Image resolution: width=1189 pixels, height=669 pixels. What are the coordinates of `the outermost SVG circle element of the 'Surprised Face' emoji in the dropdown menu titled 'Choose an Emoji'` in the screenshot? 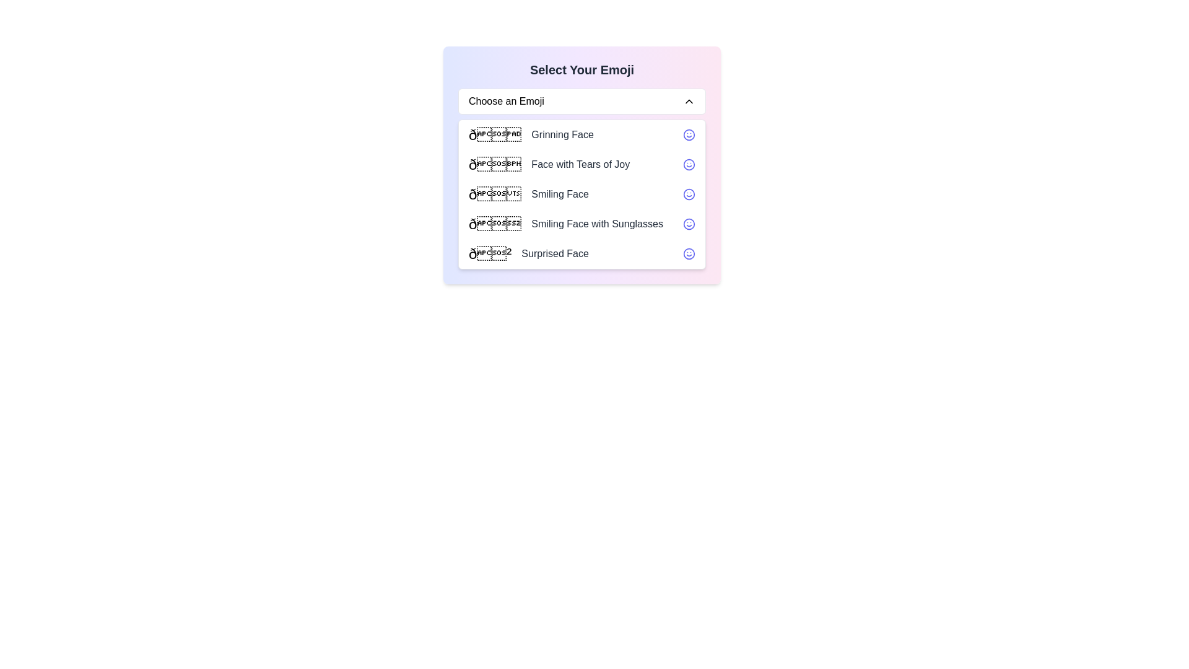 It's located at (689, 253).